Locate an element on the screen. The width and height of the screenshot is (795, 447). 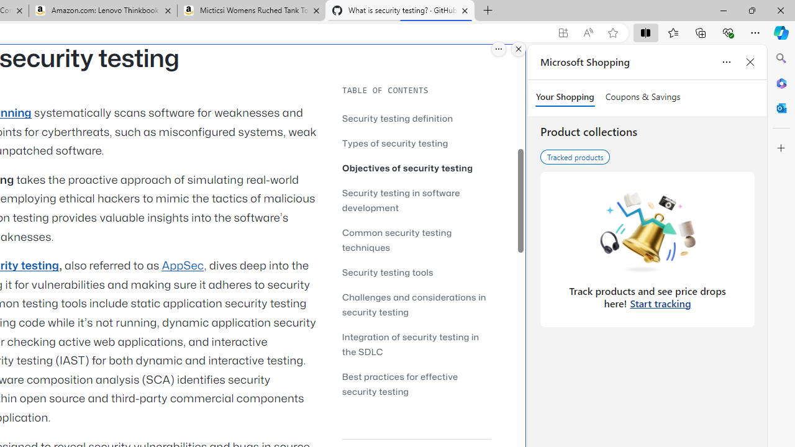
'App available. Install GitHub' is located at coordinates (562, 32).